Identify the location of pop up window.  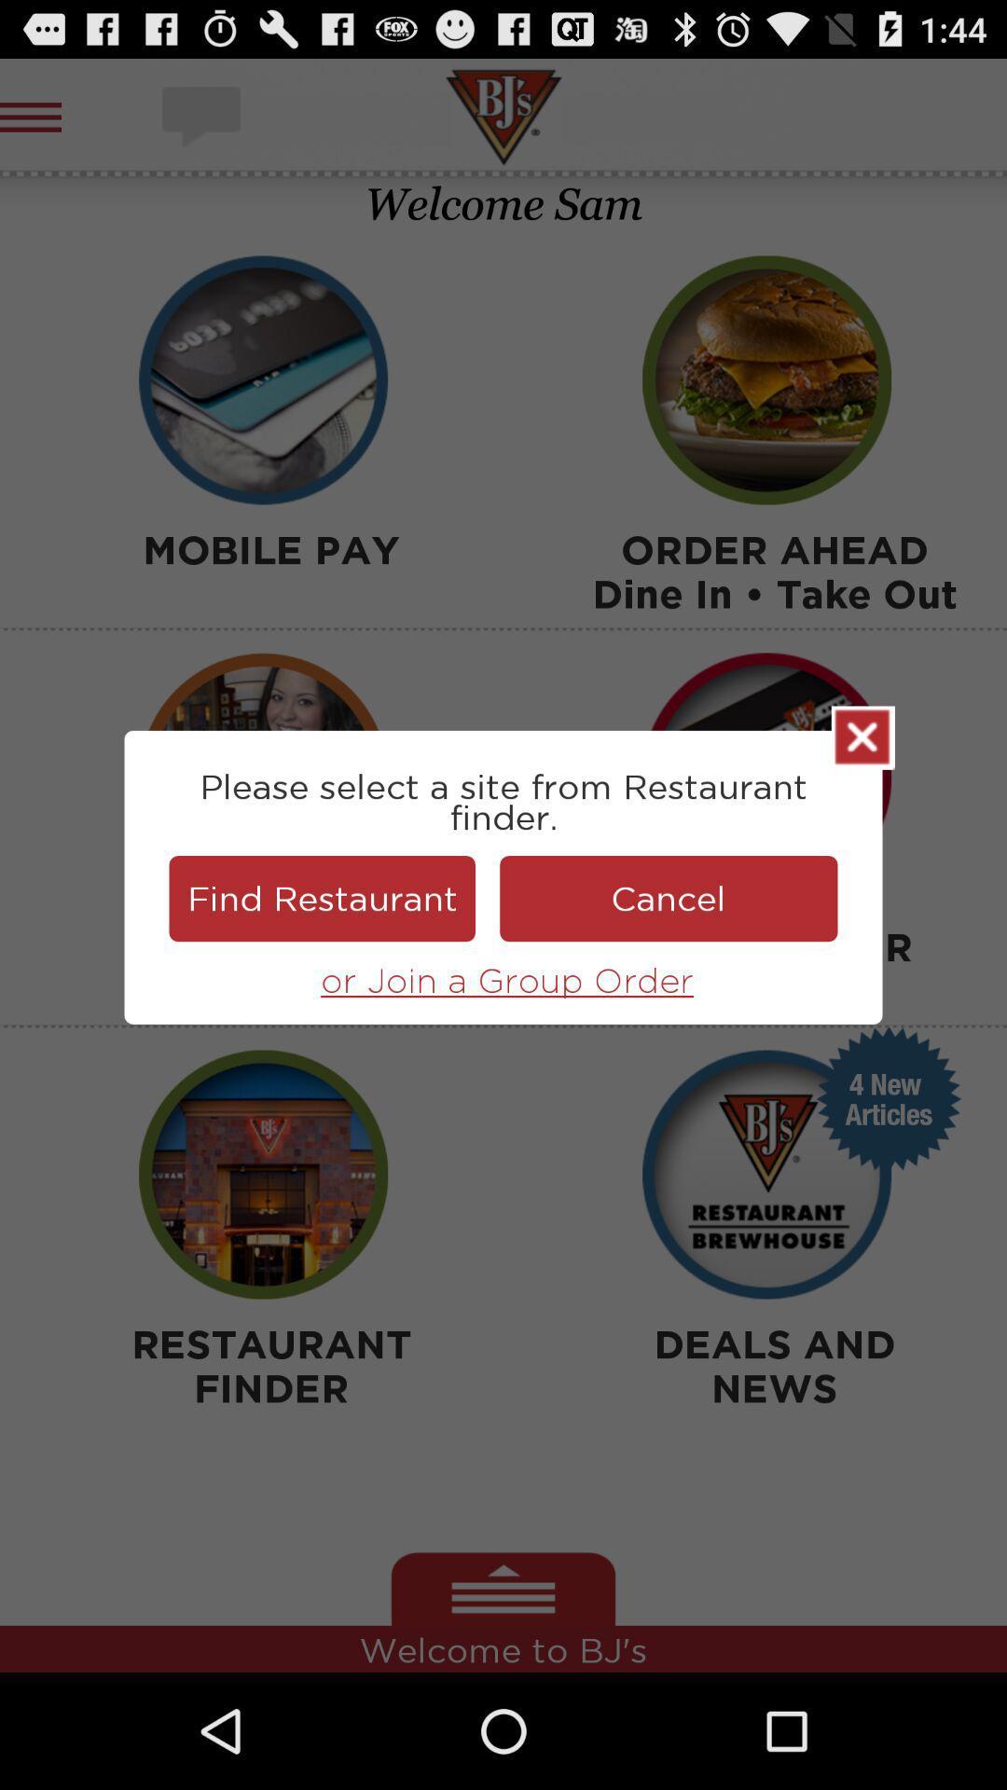
(862, 737).